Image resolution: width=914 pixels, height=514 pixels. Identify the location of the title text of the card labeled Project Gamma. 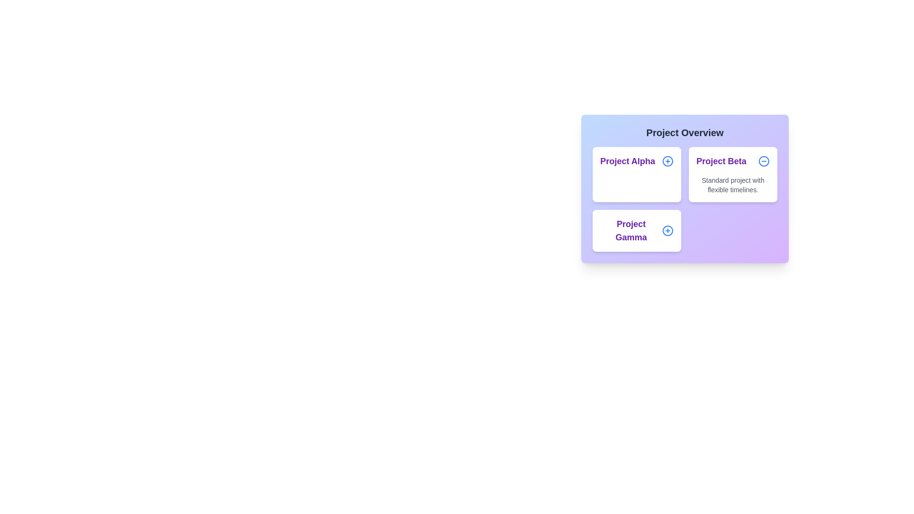
(637, 231).